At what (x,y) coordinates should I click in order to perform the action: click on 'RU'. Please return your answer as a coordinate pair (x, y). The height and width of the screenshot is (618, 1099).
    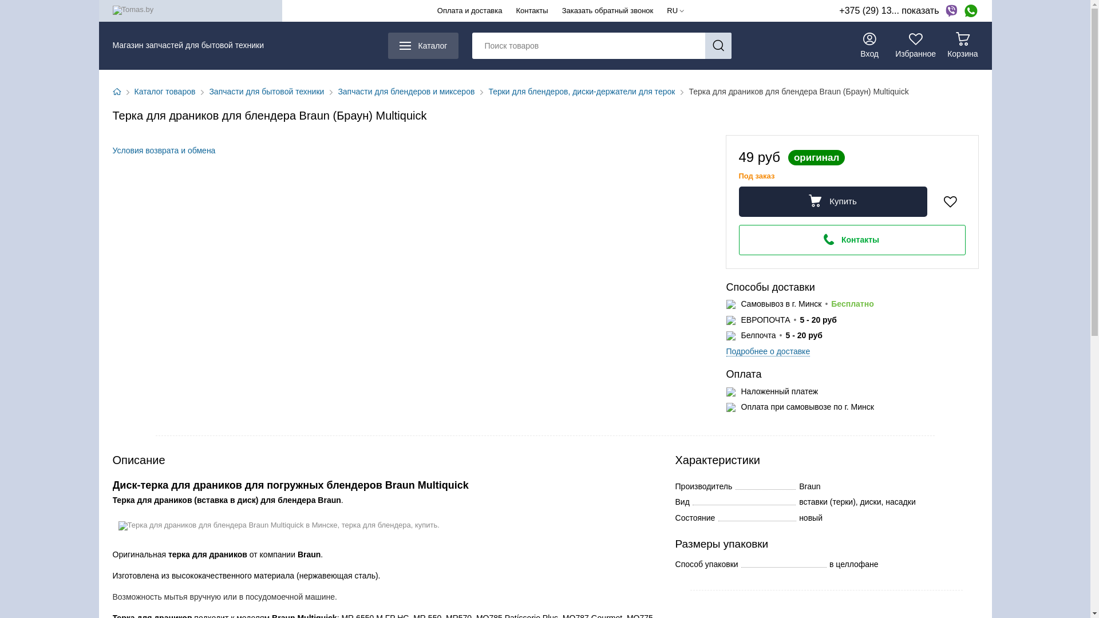
    Looking at the image, I should click on (675, 11).